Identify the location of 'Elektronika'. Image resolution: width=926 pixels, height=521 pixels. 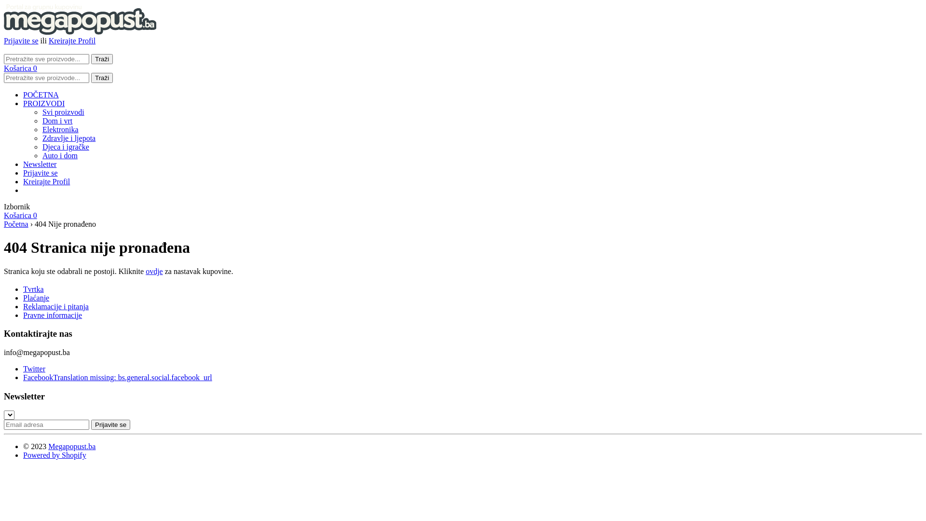
(60, 129).